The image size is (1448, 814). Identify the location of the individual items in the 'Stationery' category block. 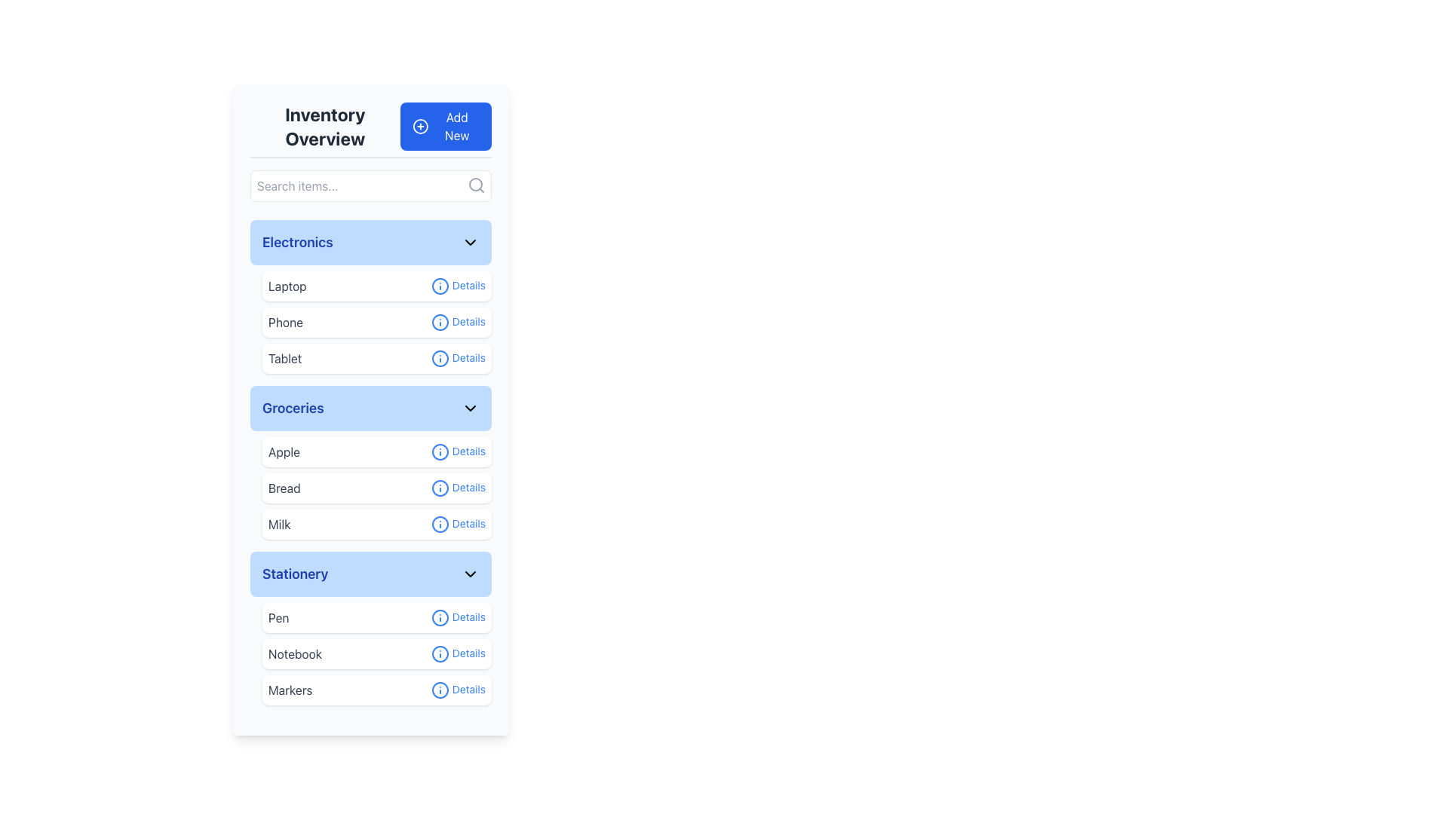
(370, 628).